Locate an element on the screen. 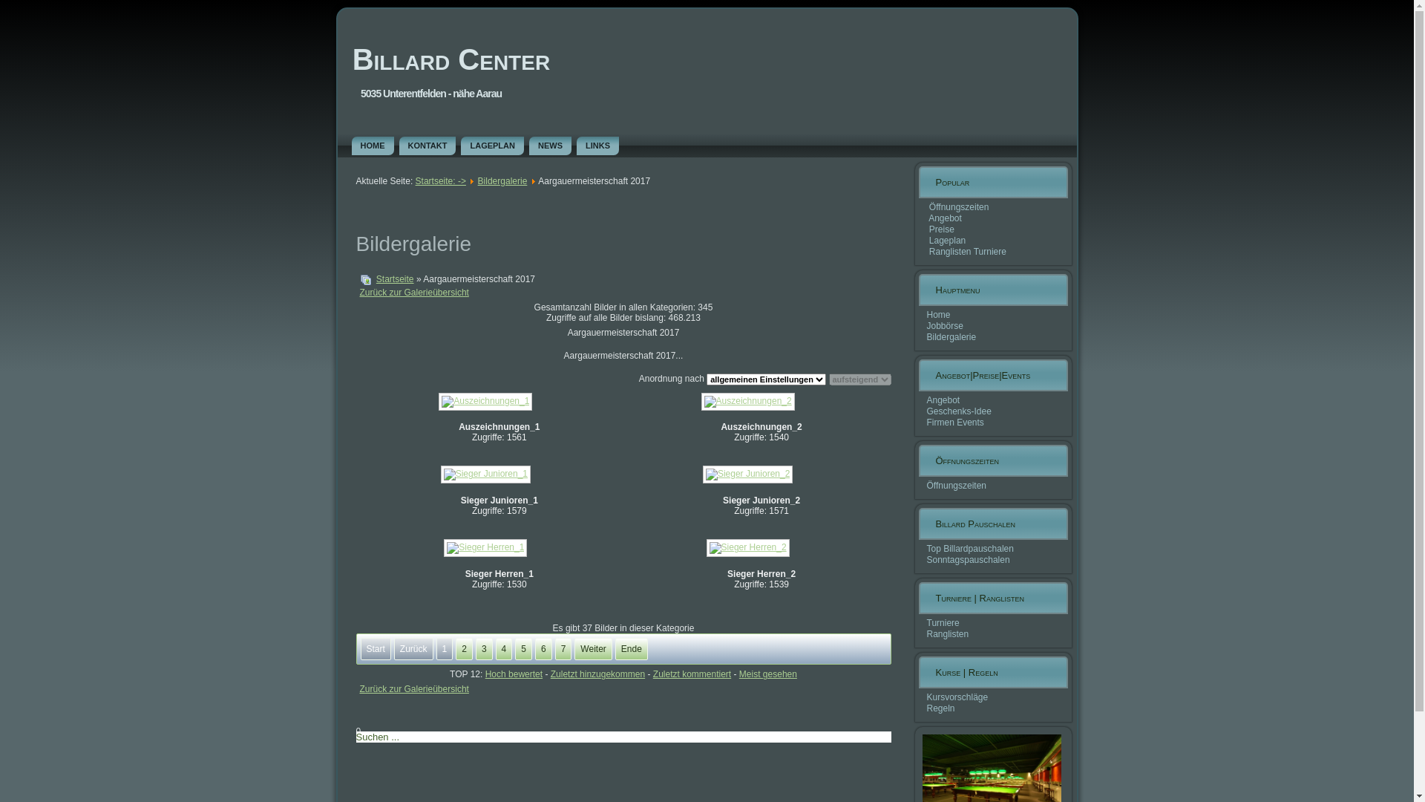  'KONTAKT' is located at coordinates (427, 146).